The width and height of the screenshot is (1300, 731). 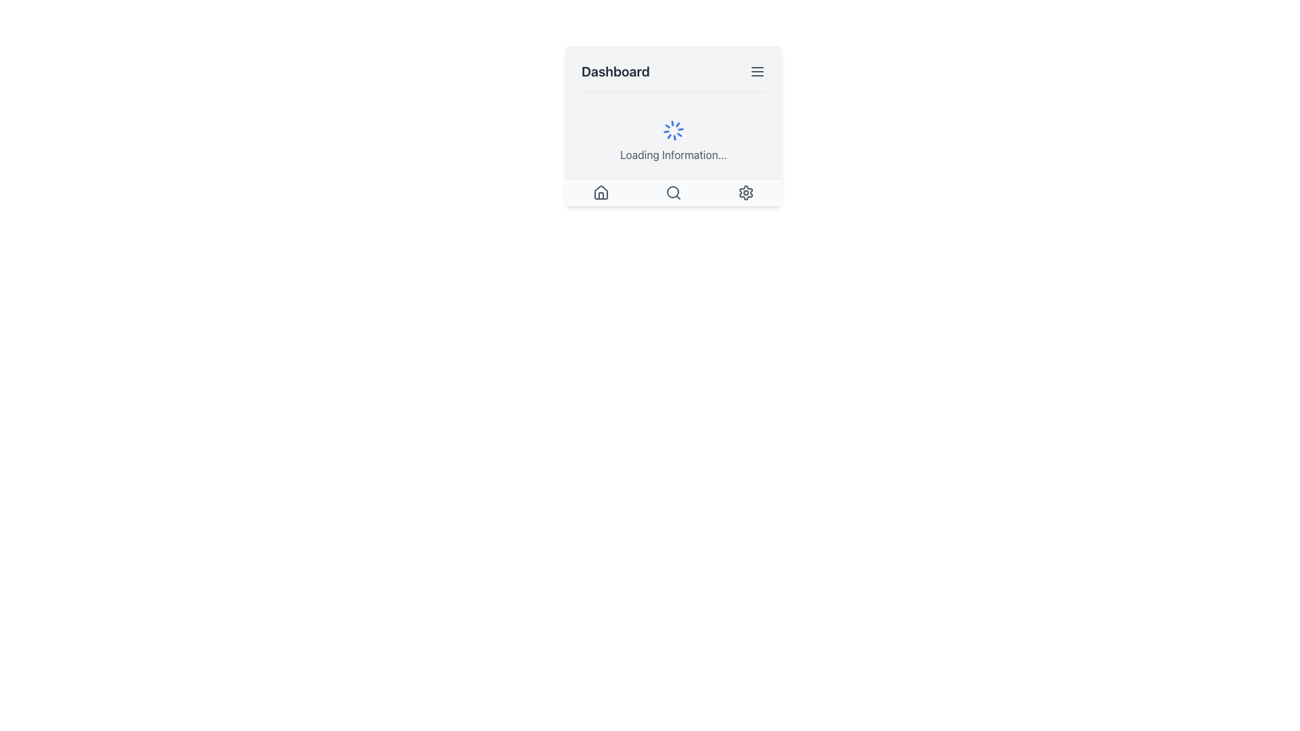 I want to click on the loading spinner with descriptive text located centrally beneath the 'Dashboard' header, so click(x=673, y=141).